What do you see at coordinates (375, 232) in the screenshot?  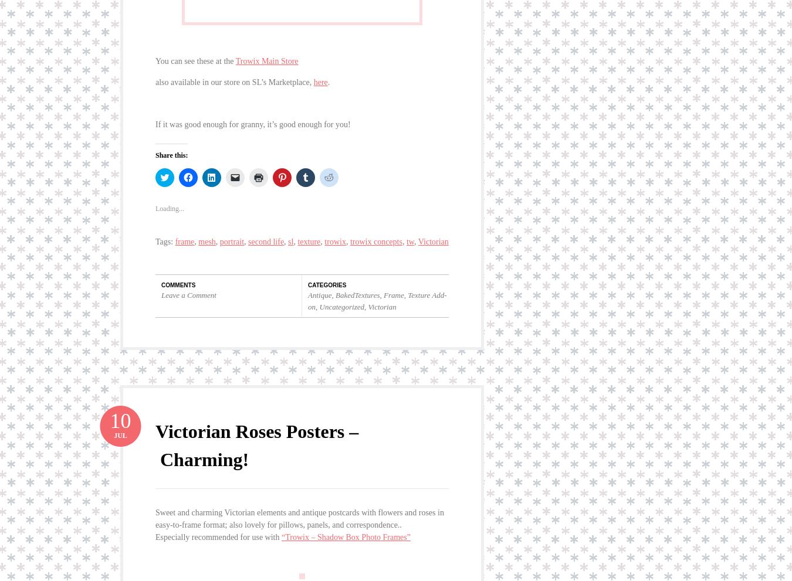 I see `'trowix concepts'` at bounding box center [375, 232].